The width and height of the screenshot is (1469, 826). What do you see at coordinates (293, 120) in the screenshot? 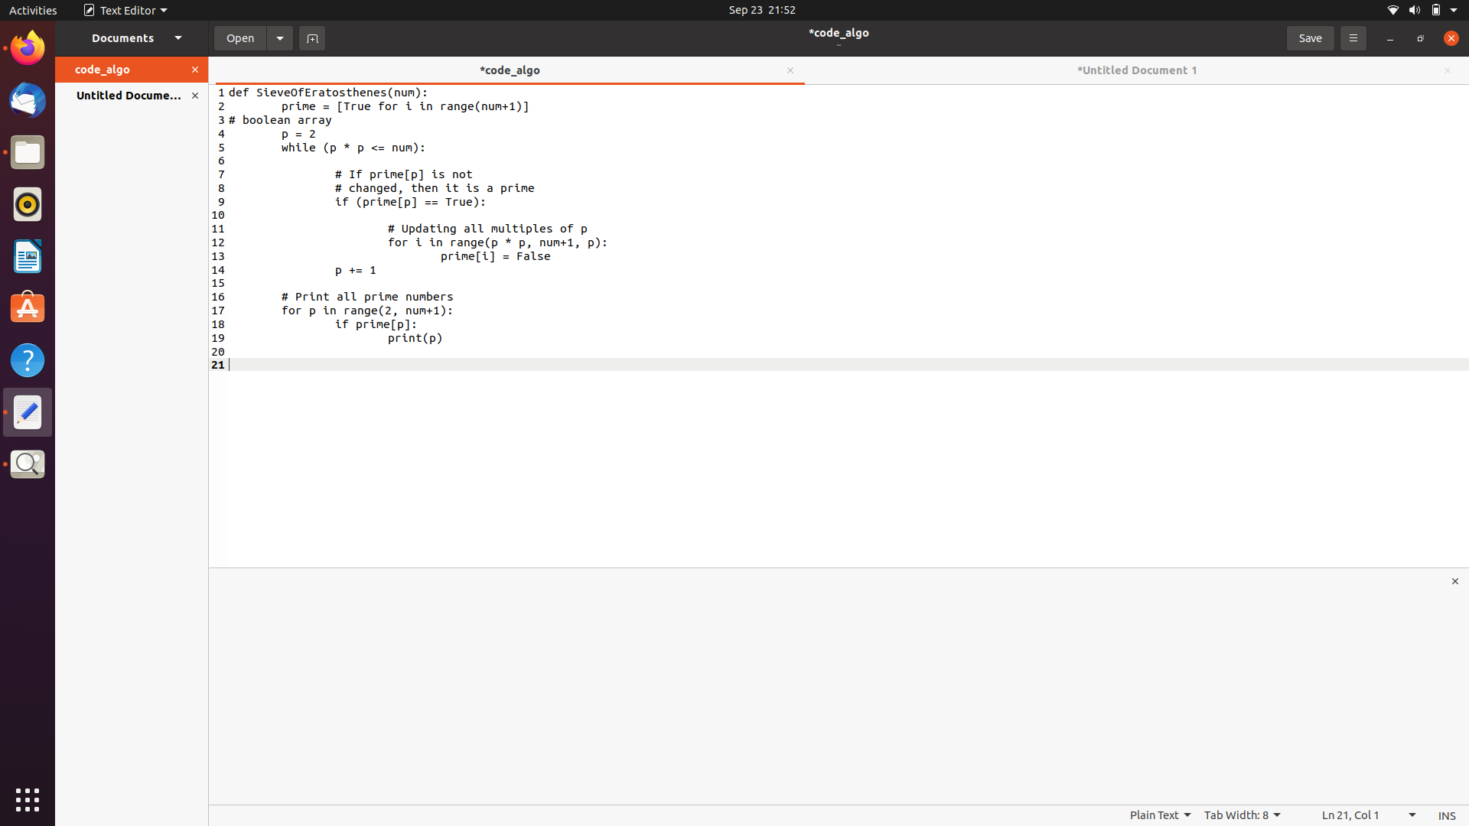
I see `Use key combinations Ctrl+A to select, Ctrl+C to copy from code_algo paper and Ctrl+V to paste it into an untitled document` at bounding box center [293, 120].